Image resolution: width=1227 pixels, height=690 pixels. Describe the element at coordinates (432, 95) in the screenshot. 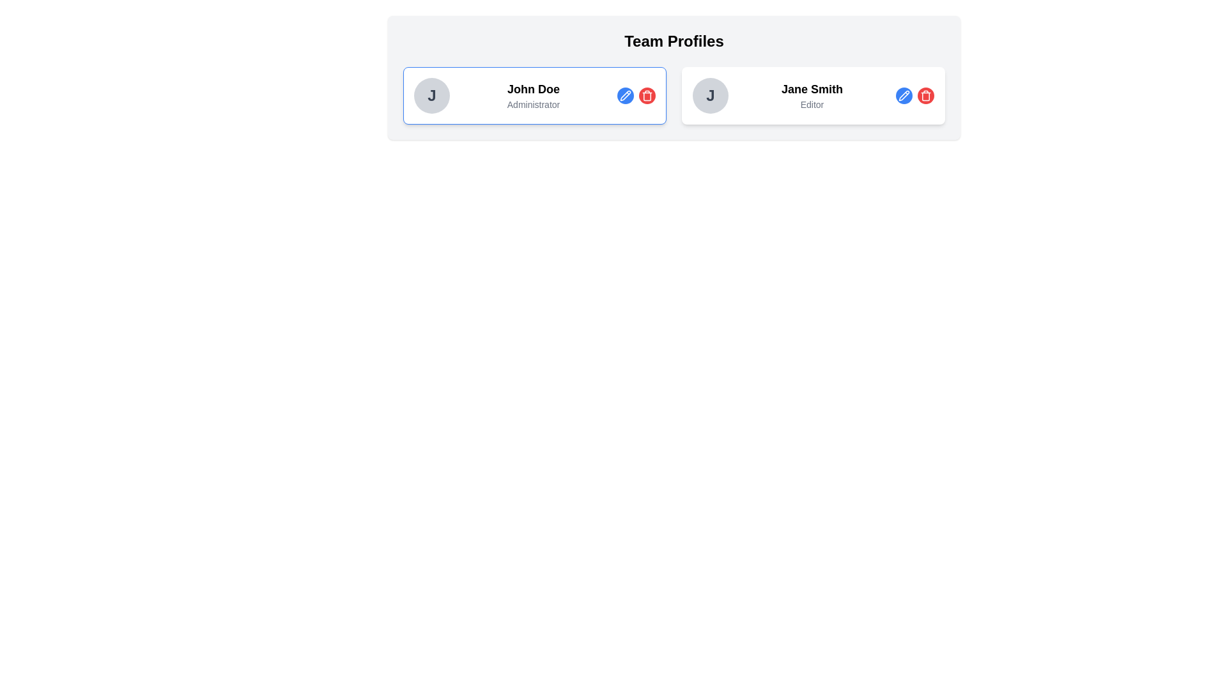

I see `the circular badge with a gray background and a bold, black letter 'J' that represents John Doe in the Team Profiles section` at that location.